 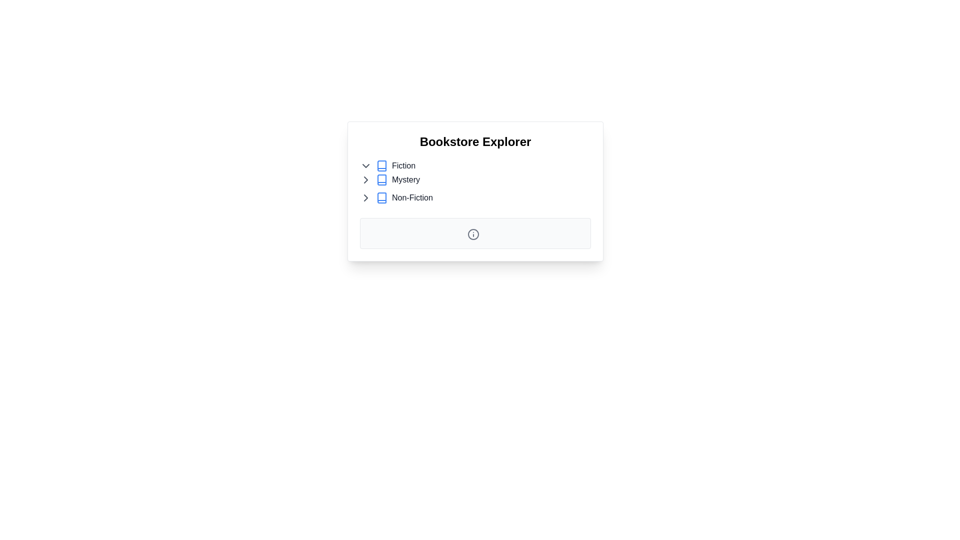 What do you see at coordinates (365, 179) in the screenshot?
I see `the small triangular arrow icon pointing right, located to the immediate left of the blue book icon in the 'Mystery' category` at bounding box center [365, 179].